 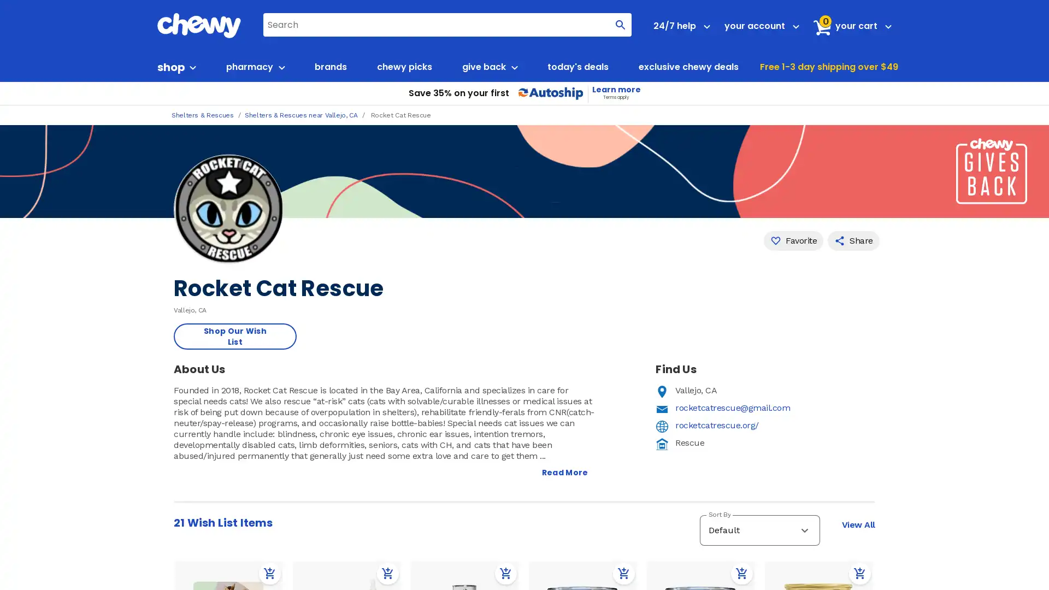 I want to click on Free 1-3 day shipping over $49, so click(x=828, y=67).